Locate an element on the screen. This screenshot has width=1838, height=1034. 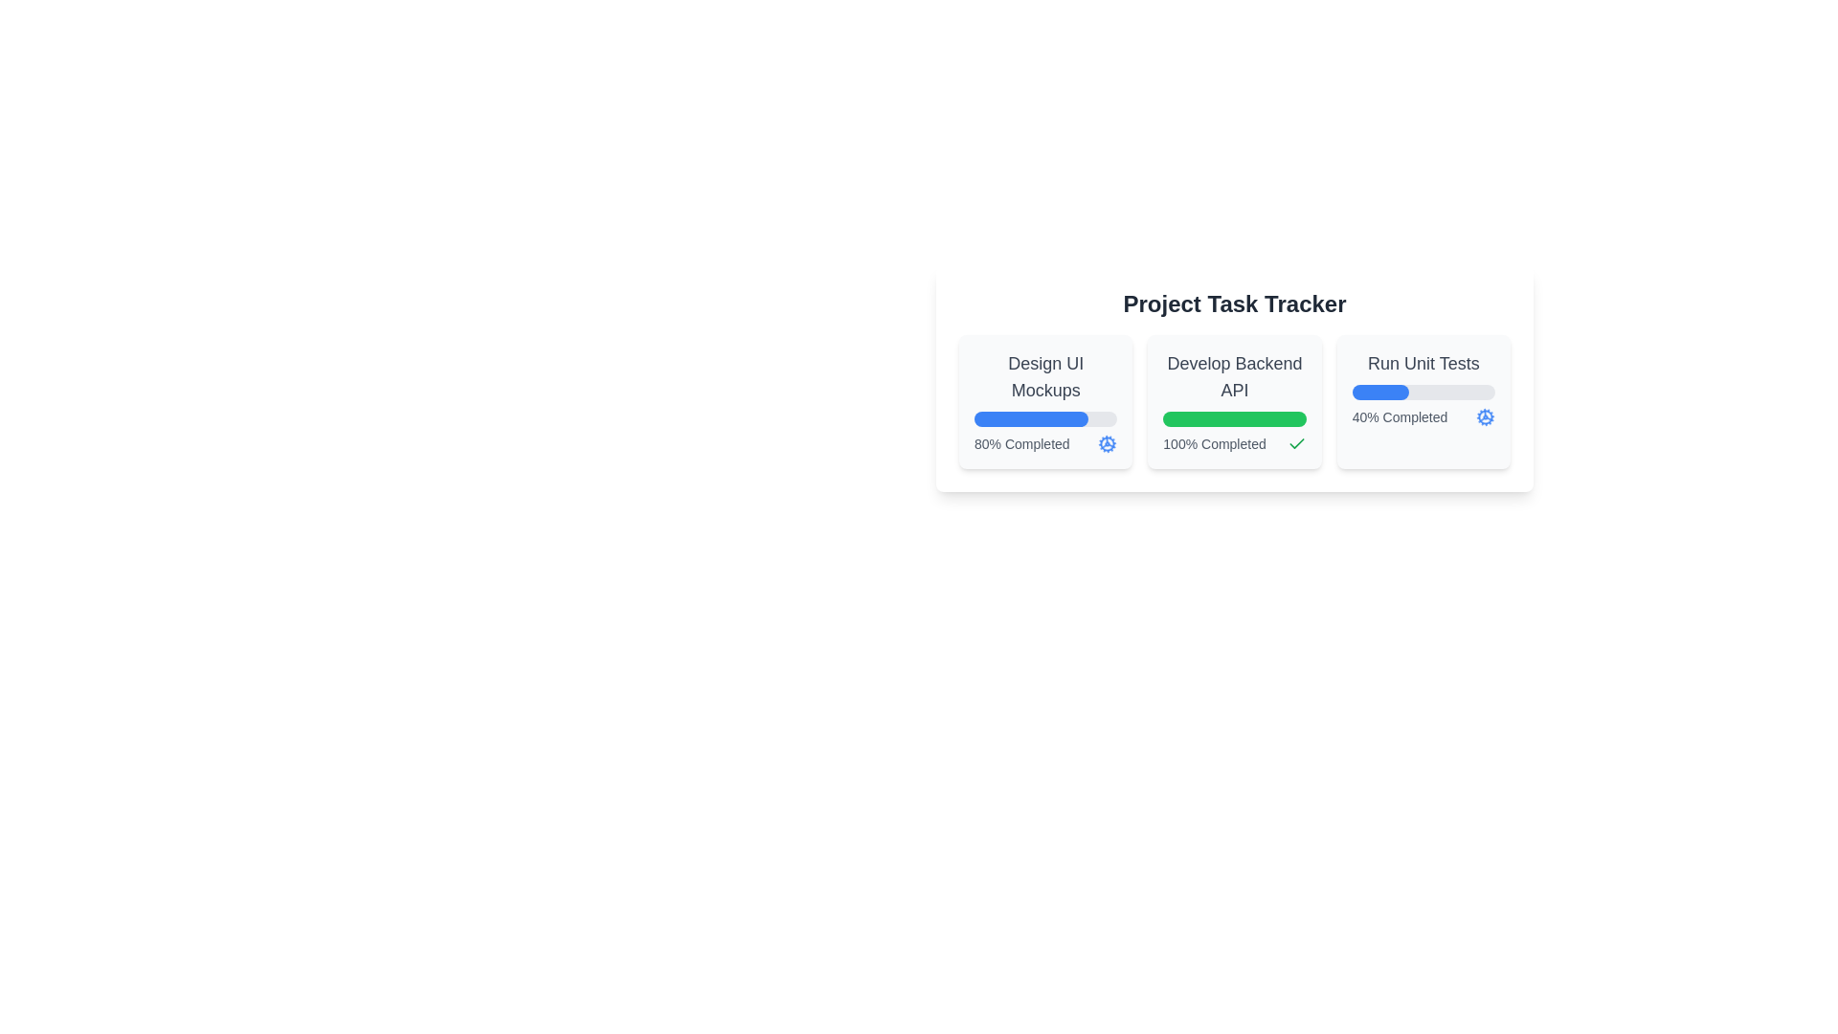
the static text label displaying the percentage of task completion, located in the lower-left part of the card component for 'Design UI Mockups' is located at coordinates (1020, 443).